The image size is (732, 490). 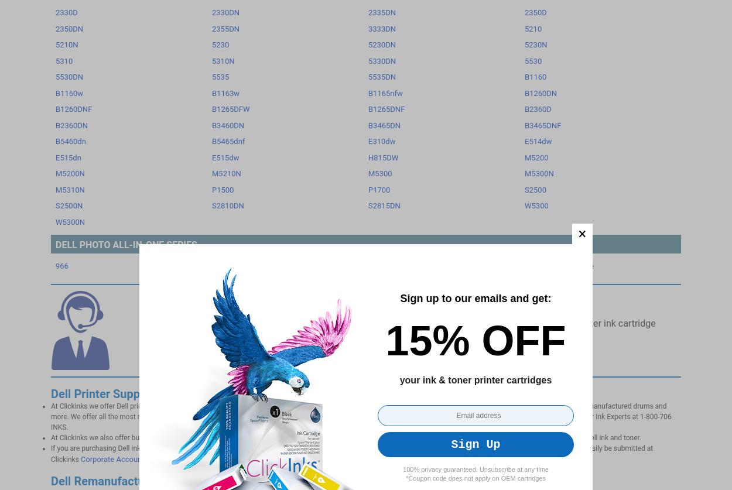 I want to click on 'Affiliate Program', so click(x=402, y=18).